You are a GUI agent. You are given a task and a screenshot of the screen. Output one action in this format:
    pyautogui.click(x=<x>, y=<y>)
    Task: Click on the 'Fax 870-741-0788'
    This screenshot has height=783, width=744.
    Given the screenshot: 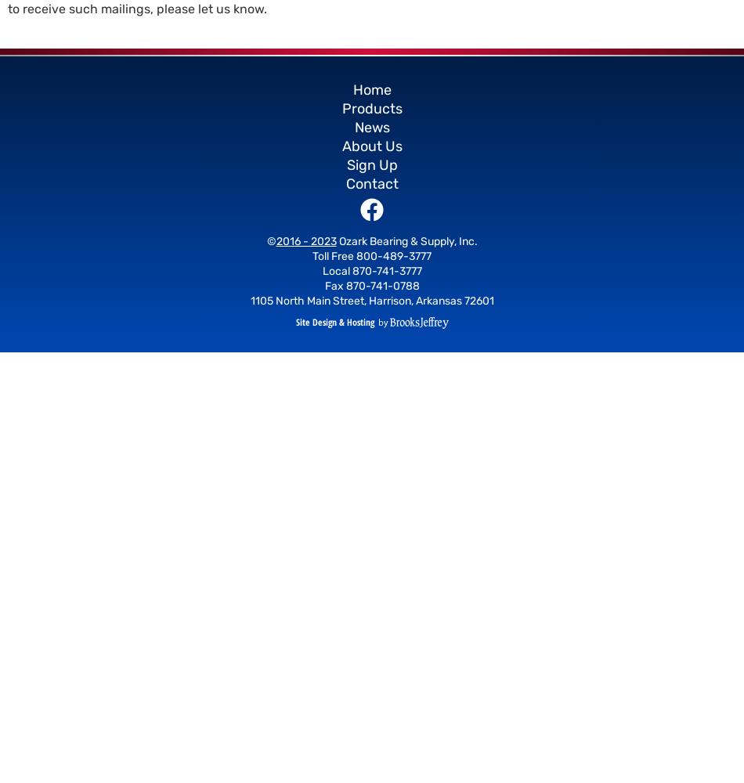 What is the action you would take?
    pyautogui.click(x=323, y=285)
    